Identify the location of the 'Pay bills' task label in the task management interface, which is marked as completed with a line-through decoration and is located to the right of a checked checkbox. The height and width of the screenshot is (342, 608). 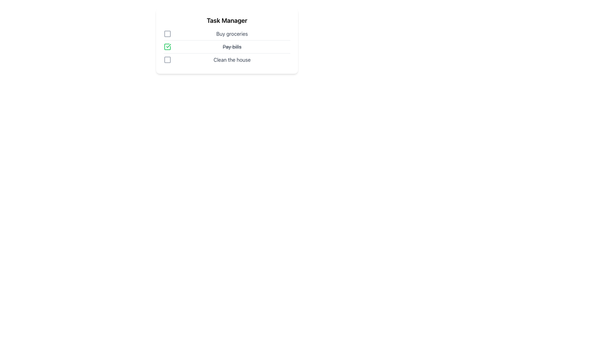
(232, 46).